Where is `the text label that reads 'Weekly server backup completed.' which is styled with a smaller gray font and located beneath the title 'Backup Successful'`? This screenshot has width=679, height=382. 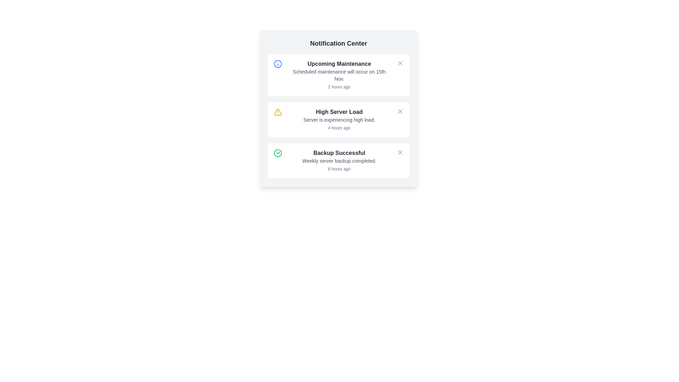 the text label that reads 'Weekly server backup completed.' which is styled with a smaller gray font and located beneath the title 'Backup Successful' is located at coordinates (339, 161).